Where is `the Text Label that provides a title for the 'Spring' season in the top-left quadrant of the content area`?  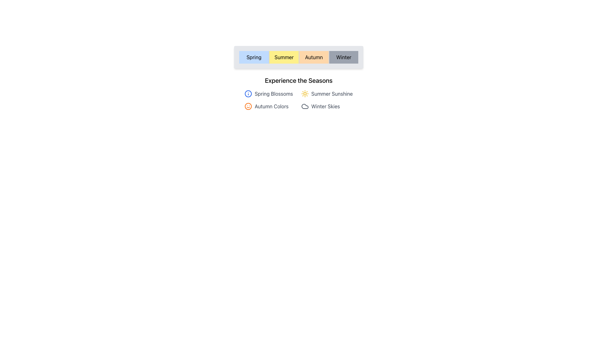
the Text Label that provides a title for the 'Spring' season in the top-left quadrant of the content area is located at coordinates (274, 93).